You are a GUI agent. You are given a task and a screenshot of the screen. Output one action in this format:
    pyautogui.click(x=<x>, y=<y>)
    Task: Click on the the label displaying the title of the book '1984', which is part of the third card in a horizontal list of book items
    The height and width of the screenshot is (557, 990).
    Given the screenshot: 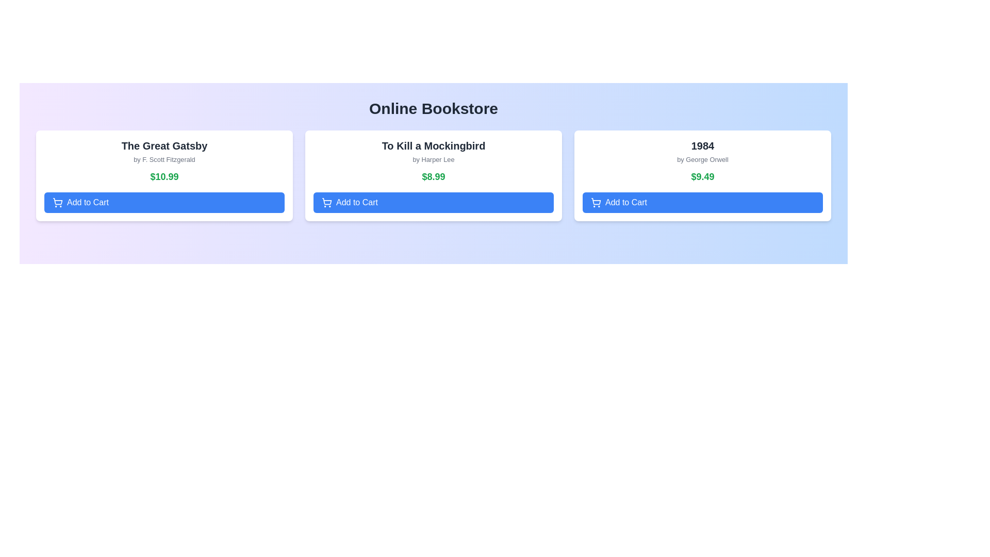 What is the action you would take?
    pyautogui.click(x=702, y=145)
    